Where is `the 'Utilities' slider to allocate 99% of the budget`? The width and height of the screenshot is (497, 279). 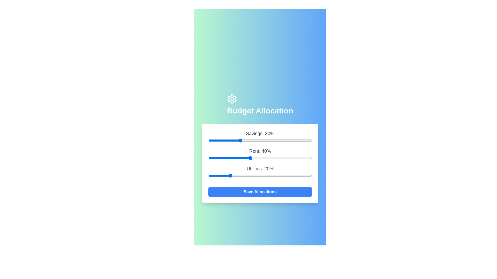 the 'Utilities' slider to allocate 99% of the budget is located at coordinates (311, 175).